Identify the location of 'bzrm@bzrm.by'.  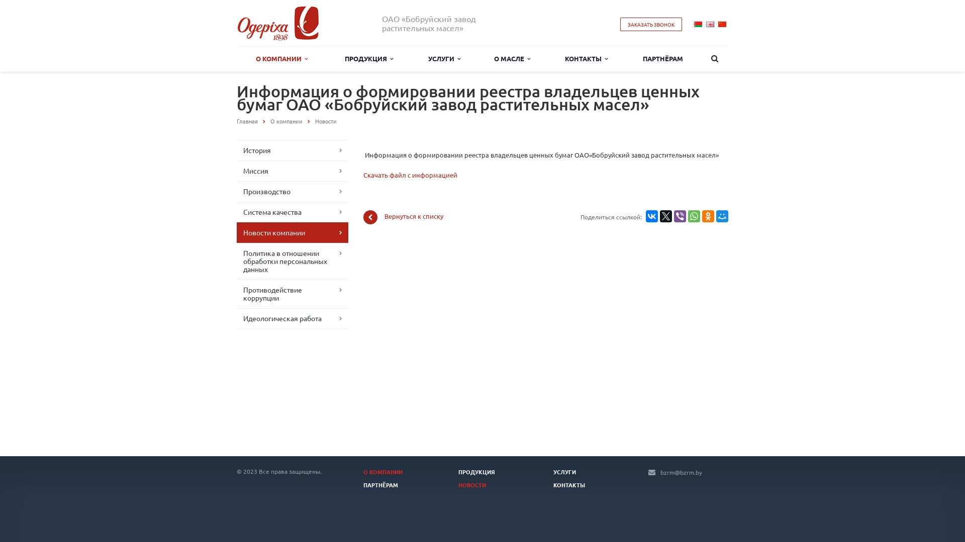
(660, 472).